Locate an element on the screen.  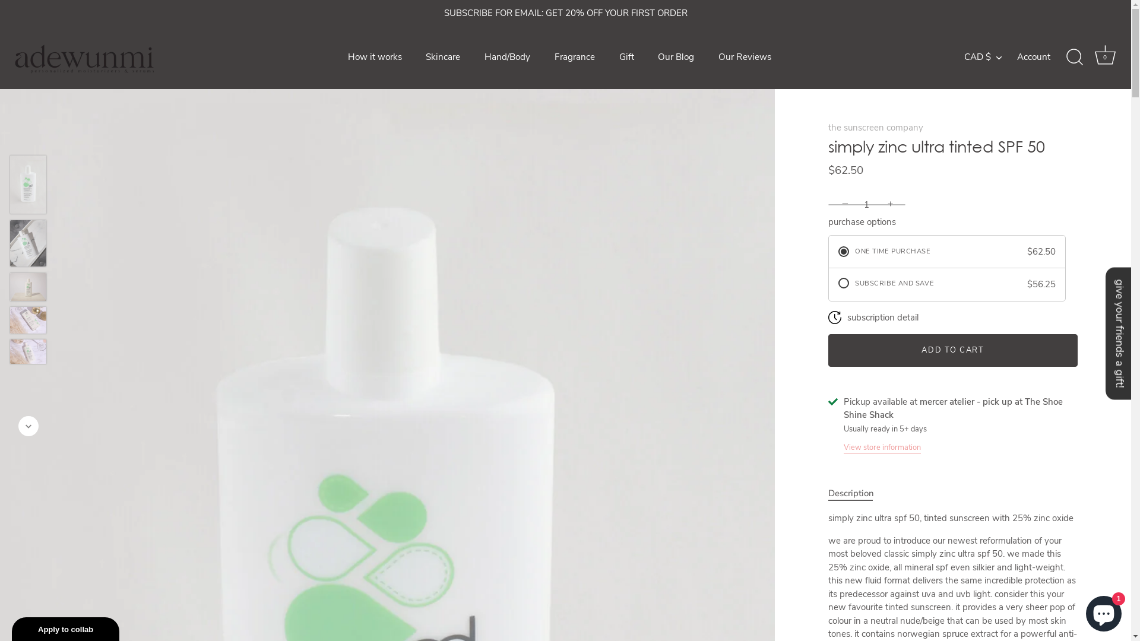
'Account' is located at coordinates (1043, 57).